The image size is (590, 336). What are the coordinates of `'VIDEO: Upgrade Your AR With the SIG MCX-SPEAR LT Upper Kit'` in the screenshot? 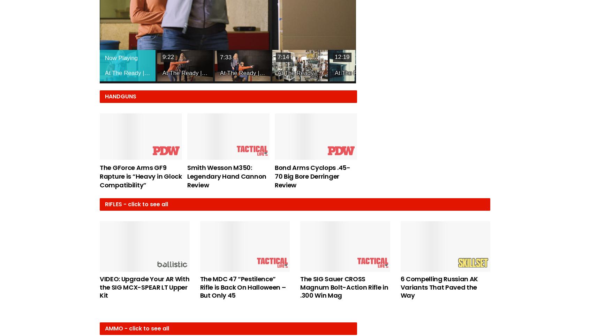 It's located at (144, 286).